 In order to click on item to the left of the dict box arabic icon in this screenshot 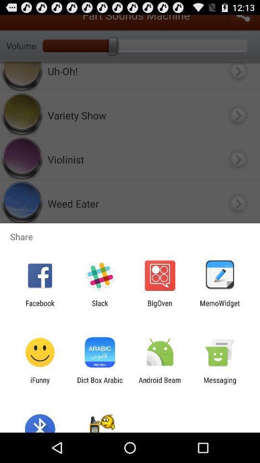, I will do `click(39, 384)`.